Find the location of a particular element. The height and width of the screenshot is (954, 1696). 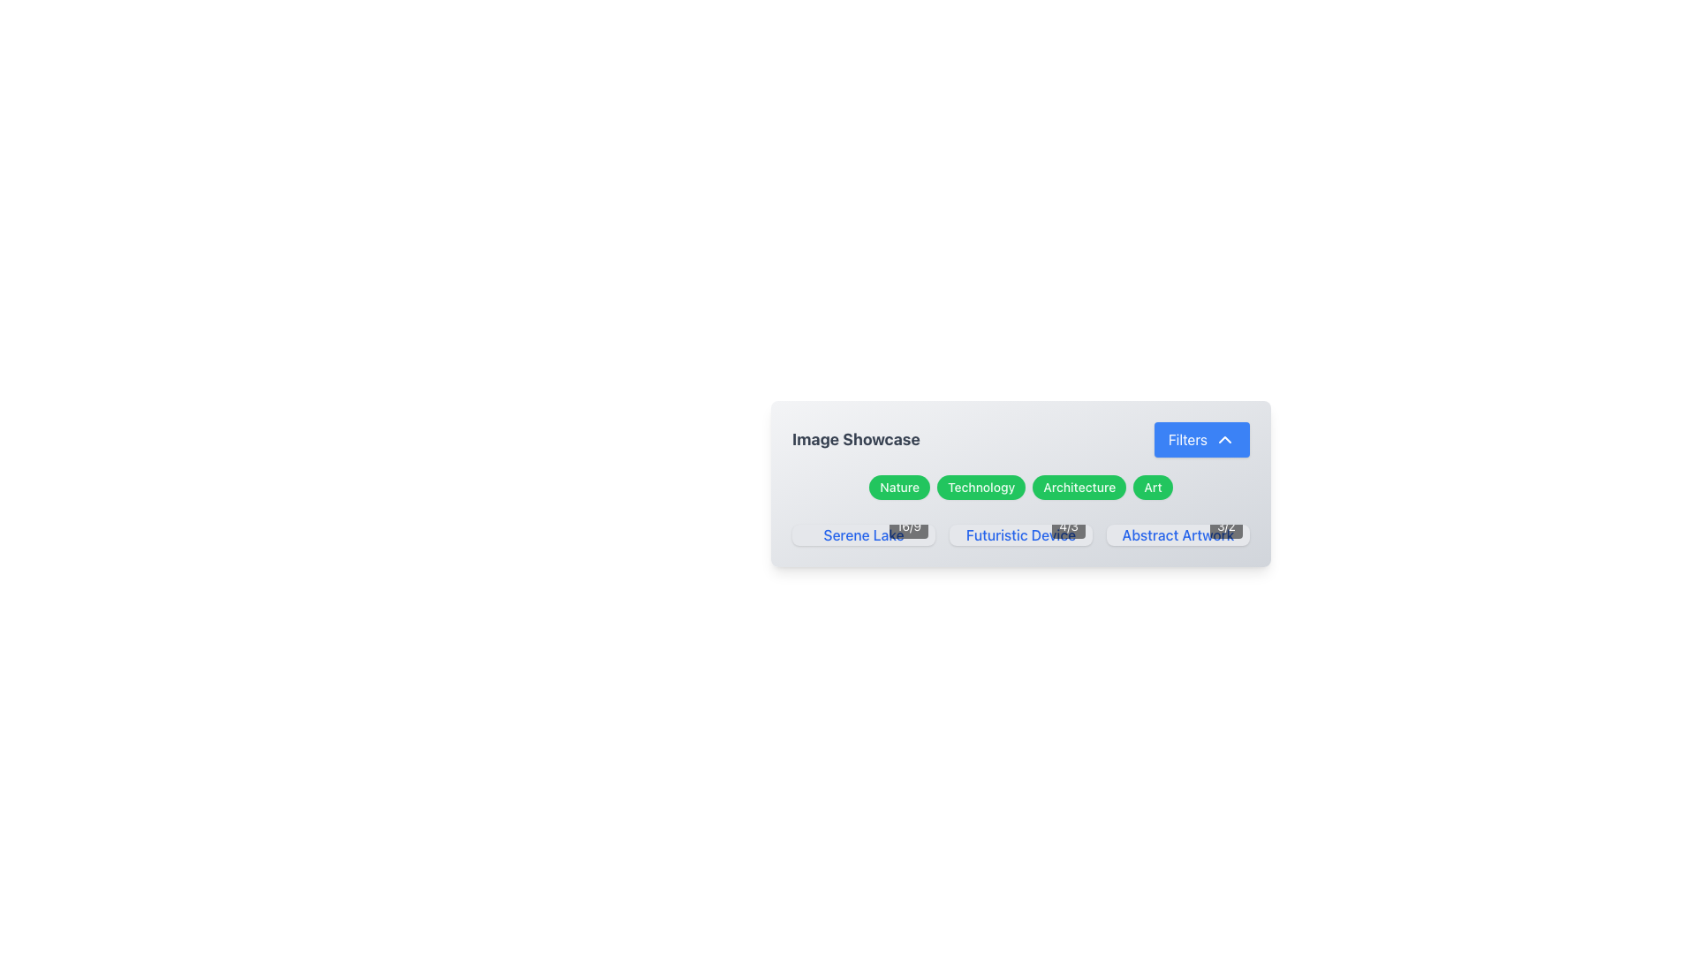

the card containing the text label 'Abstract Artwork' and the ratio '3/2', which is the third element in a row of three similar items is located at coordinates (1178, 534).